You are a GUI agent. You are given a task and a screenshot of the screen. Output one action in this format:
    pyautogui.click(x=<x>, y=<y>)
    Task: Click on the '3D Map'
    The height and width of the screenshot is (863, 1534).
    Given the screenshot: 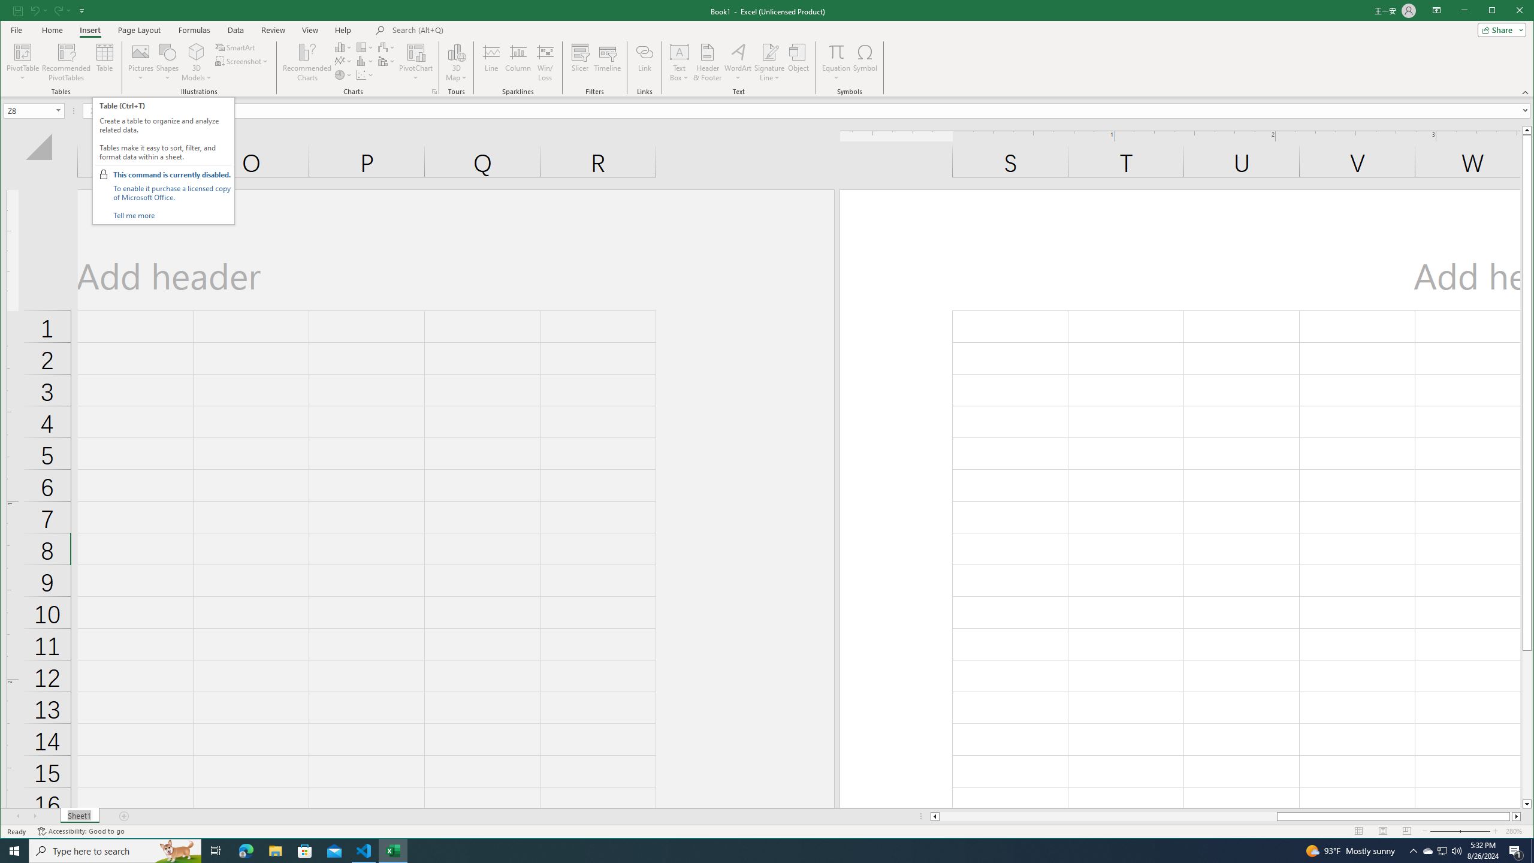 What is the action you would take?
    pyautogui.click(x=456, y=62)
    